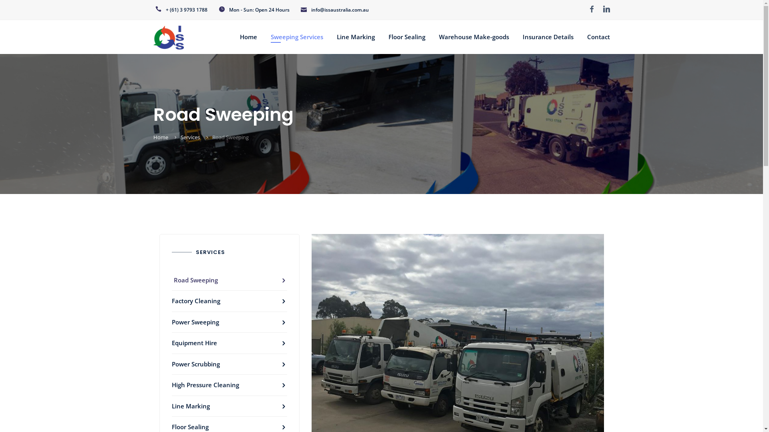 The width and height of the screenshot is (769, 432). What do you see at coordinates (228, 343) in the screenshot?
I see `'Equipment Hire'` at bounding box center [228, 343].